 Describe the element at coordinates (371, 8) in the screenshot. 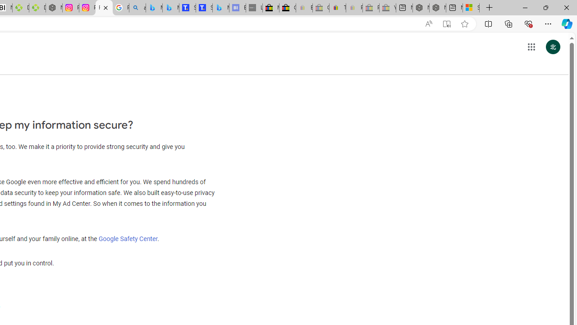

I see `'Press Room - eBay Inc. - Sleeping'` at that location.